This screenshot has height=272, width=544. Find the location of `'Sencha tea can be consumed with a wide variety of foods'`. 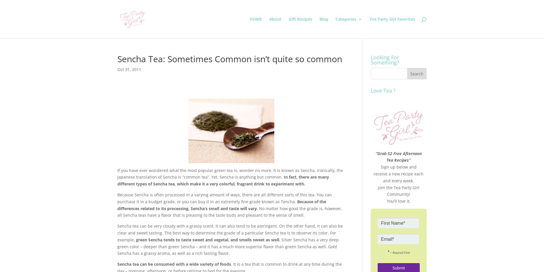

'Sencha tea can be consumed with a wide variety of foods' is located at coordinates (117, 264).